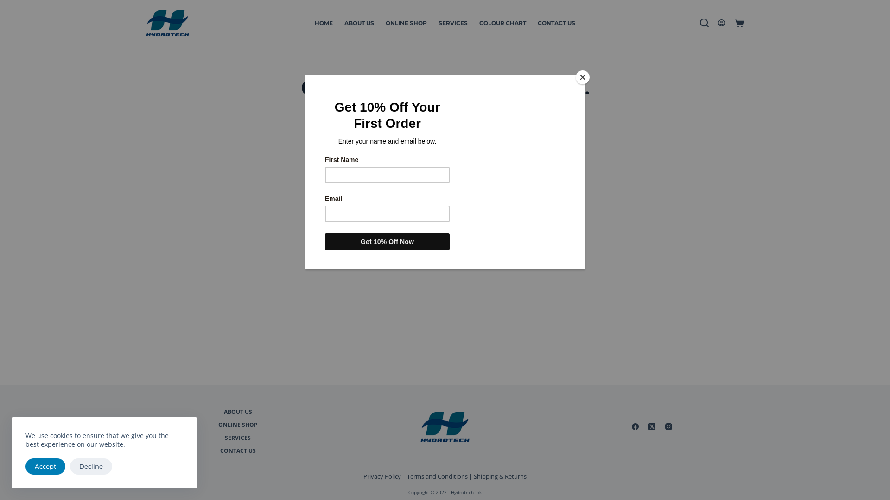 Image resolution: width=890 pixels, height=500 pixels. What do you see at coordinates (382, 476) in the screenshot?
I see `'Privacy Policy'` at bounding box center [382, 476].